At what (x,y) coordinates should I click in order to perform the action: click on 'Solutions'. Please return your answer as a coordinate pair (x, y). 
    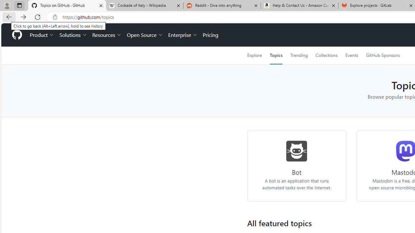
    Looking at the image, I should click on (73, 35).